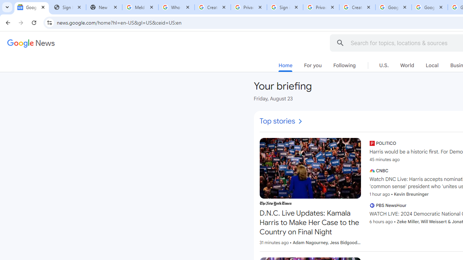 Image resolution: width=463 pixels, height=260 pixels. What do you see at coordinates (313, 65) in the screenshot?
I see `'For you'` at bounding box center [313, 65].